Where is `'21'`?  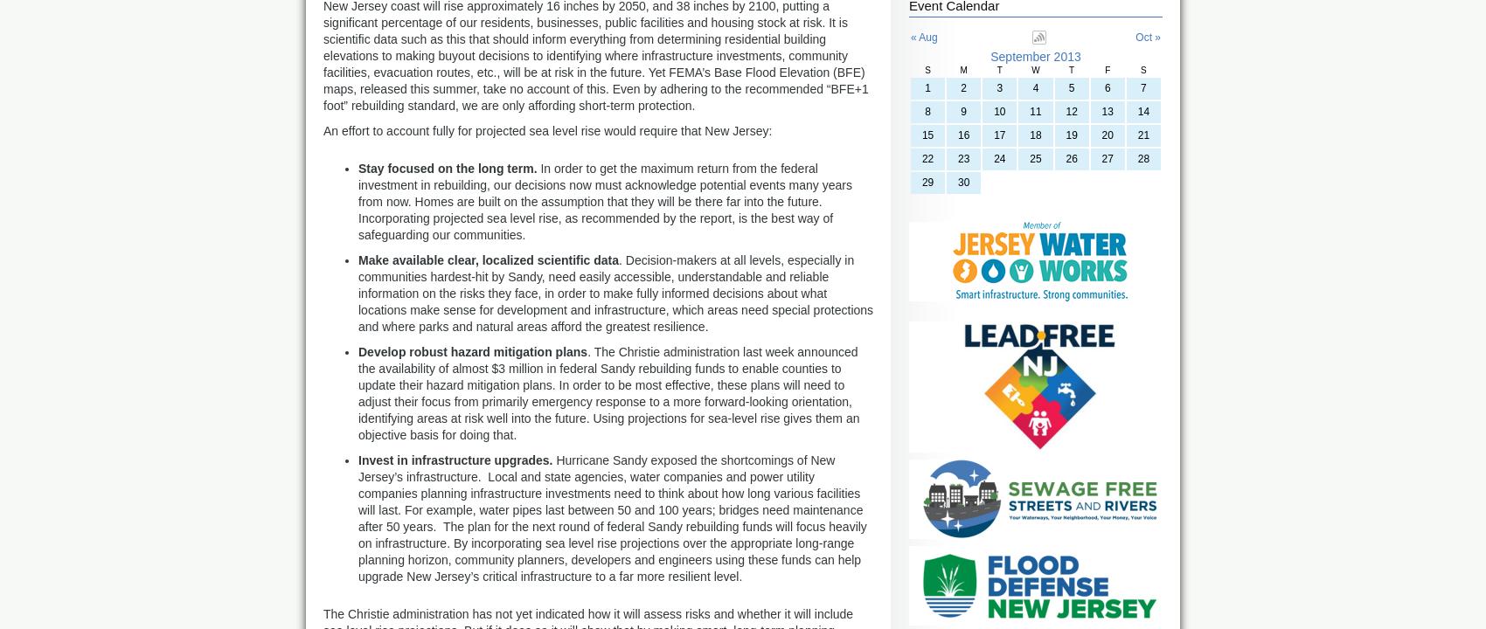
'21' is located at coordinates (1137, 135).